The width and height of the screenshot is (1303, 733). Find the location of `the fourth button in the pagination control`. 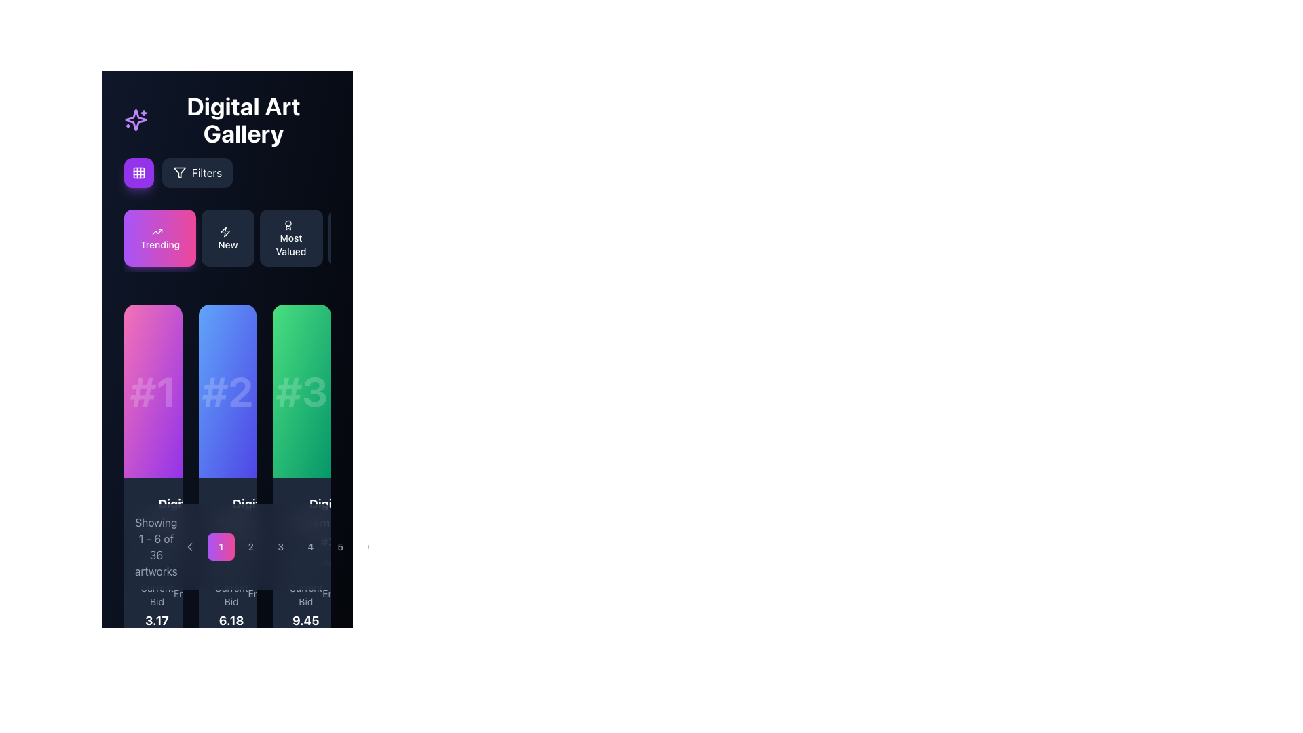

the fourth button in the pagination control is located at coordinates (295, 546).